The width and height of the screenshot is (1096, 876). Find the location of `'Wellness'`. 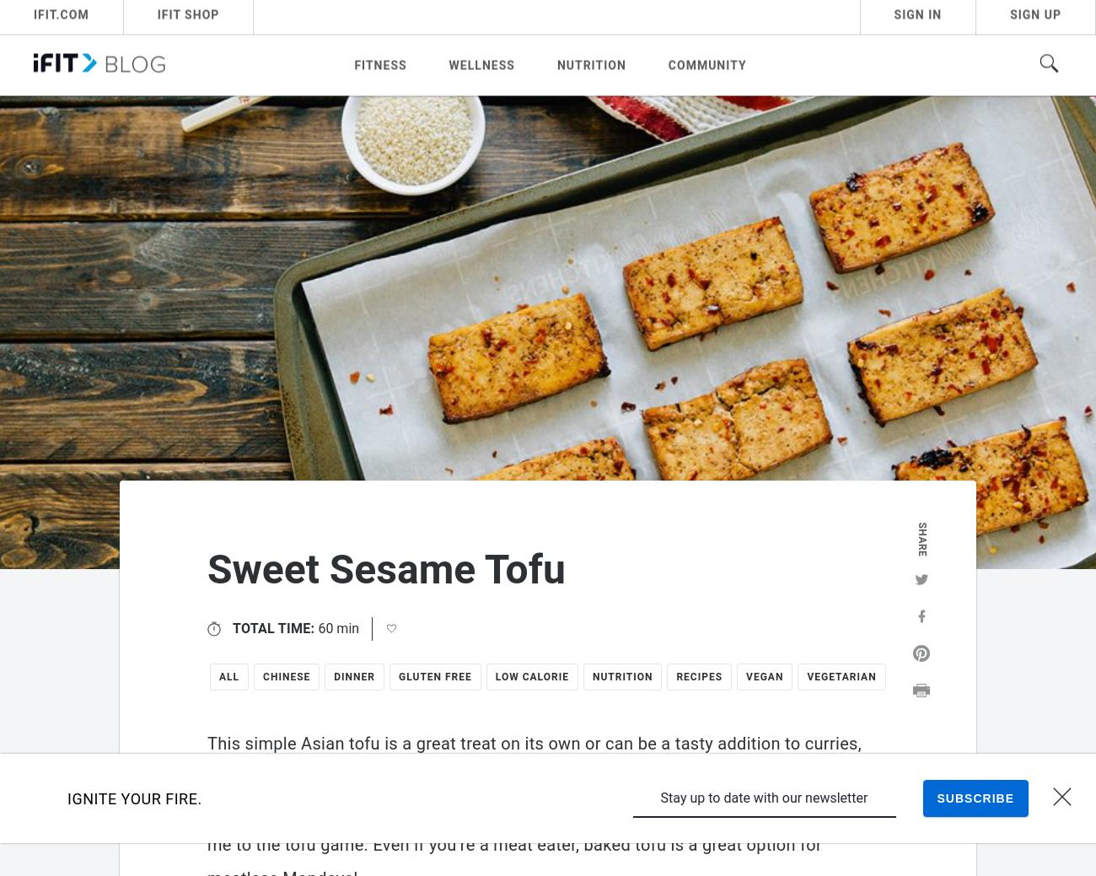

'Wellness' is located at coordinates (480, 69).